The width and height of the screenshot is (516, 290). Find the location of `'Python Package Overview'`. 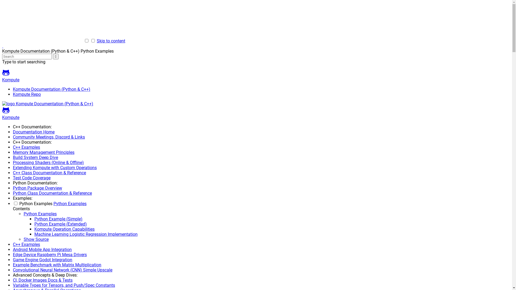

'Python Package Overview' is located at coordinates (13, 188).